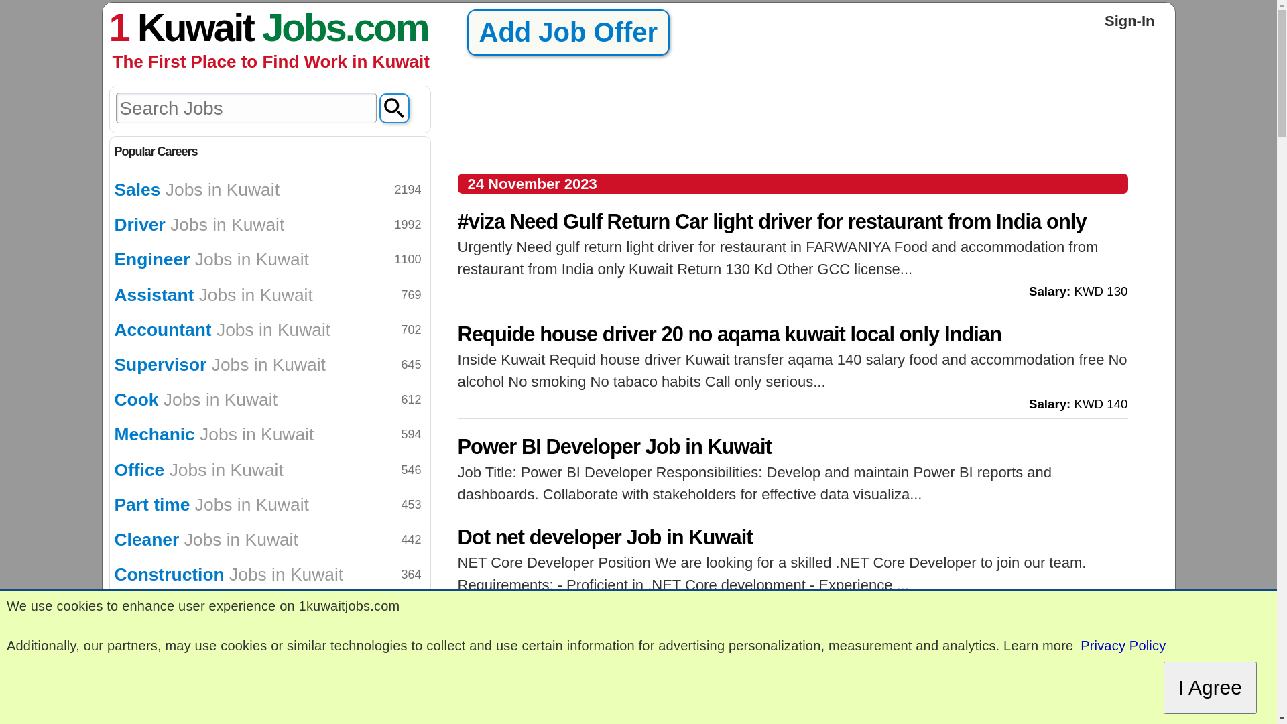 The height and width of the screenshot is (724, 1287). Describe the element at coordinates (269, 189) in the screenshot. I see `'Sales Jobs in Kuwait` at that location.